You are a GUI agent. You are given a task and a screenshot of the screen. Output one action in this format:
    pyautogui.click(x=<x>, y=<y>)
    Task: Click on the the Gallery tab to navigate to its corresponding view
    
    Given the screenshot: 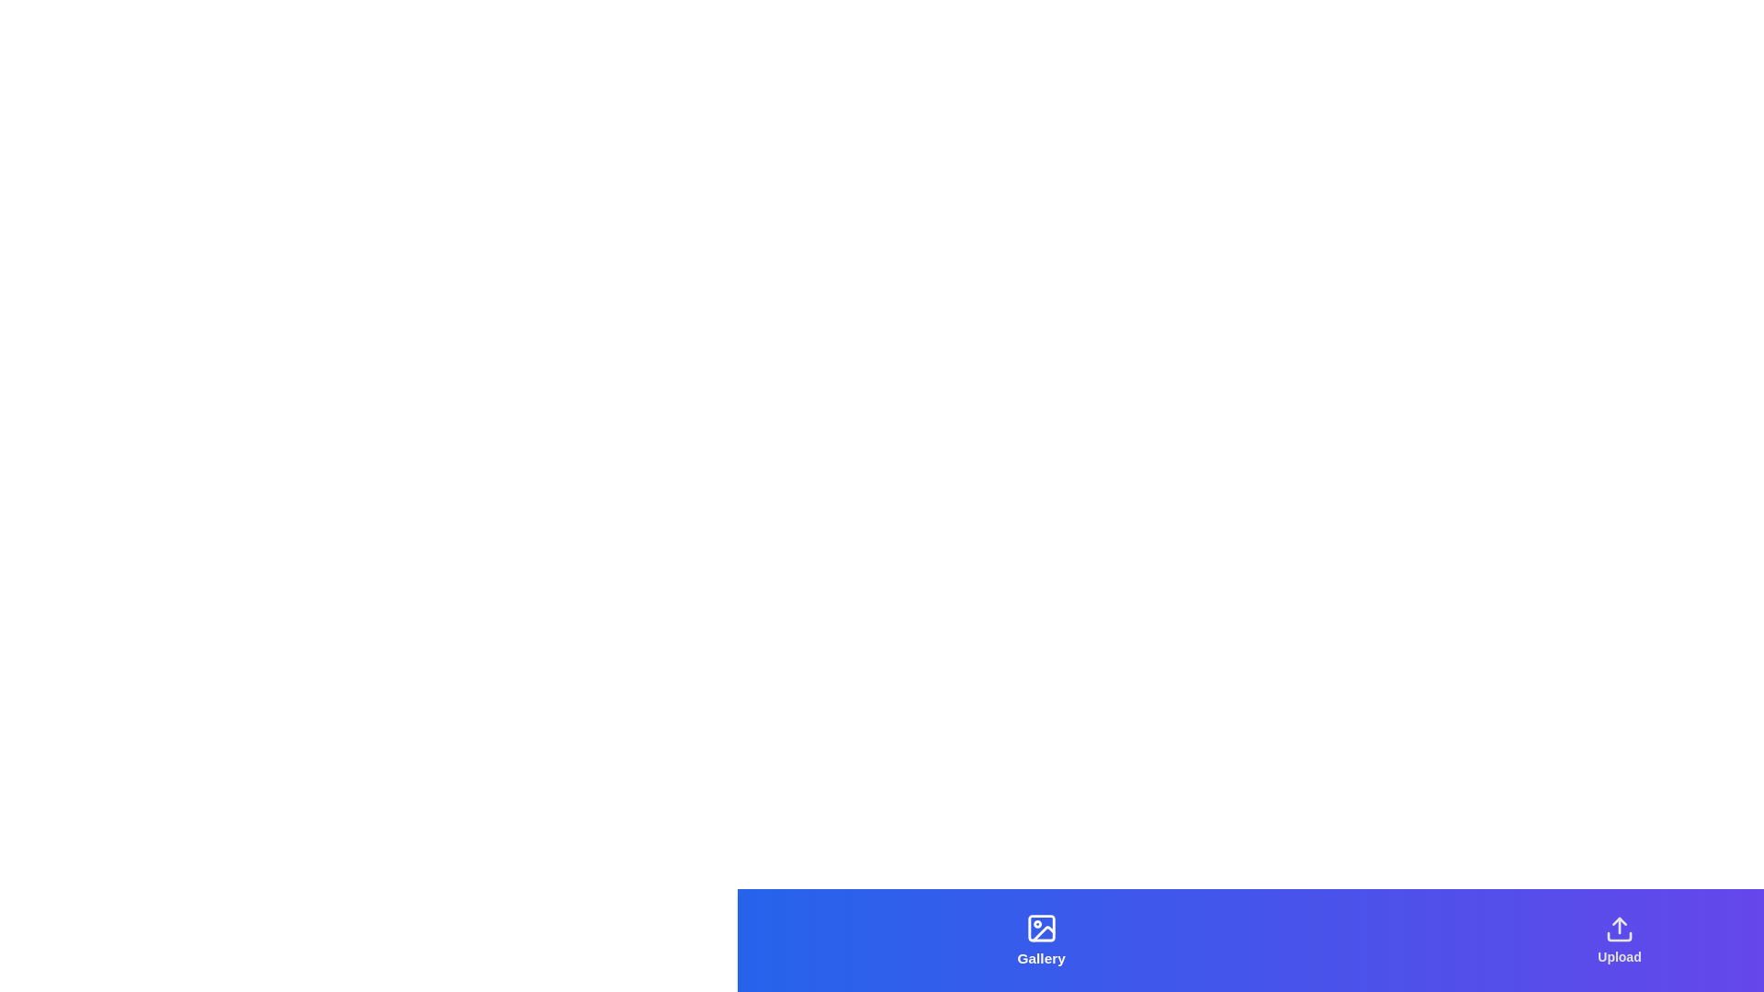 What is the action you would take?
    pyautogui.click(x=1041, y=940)
    